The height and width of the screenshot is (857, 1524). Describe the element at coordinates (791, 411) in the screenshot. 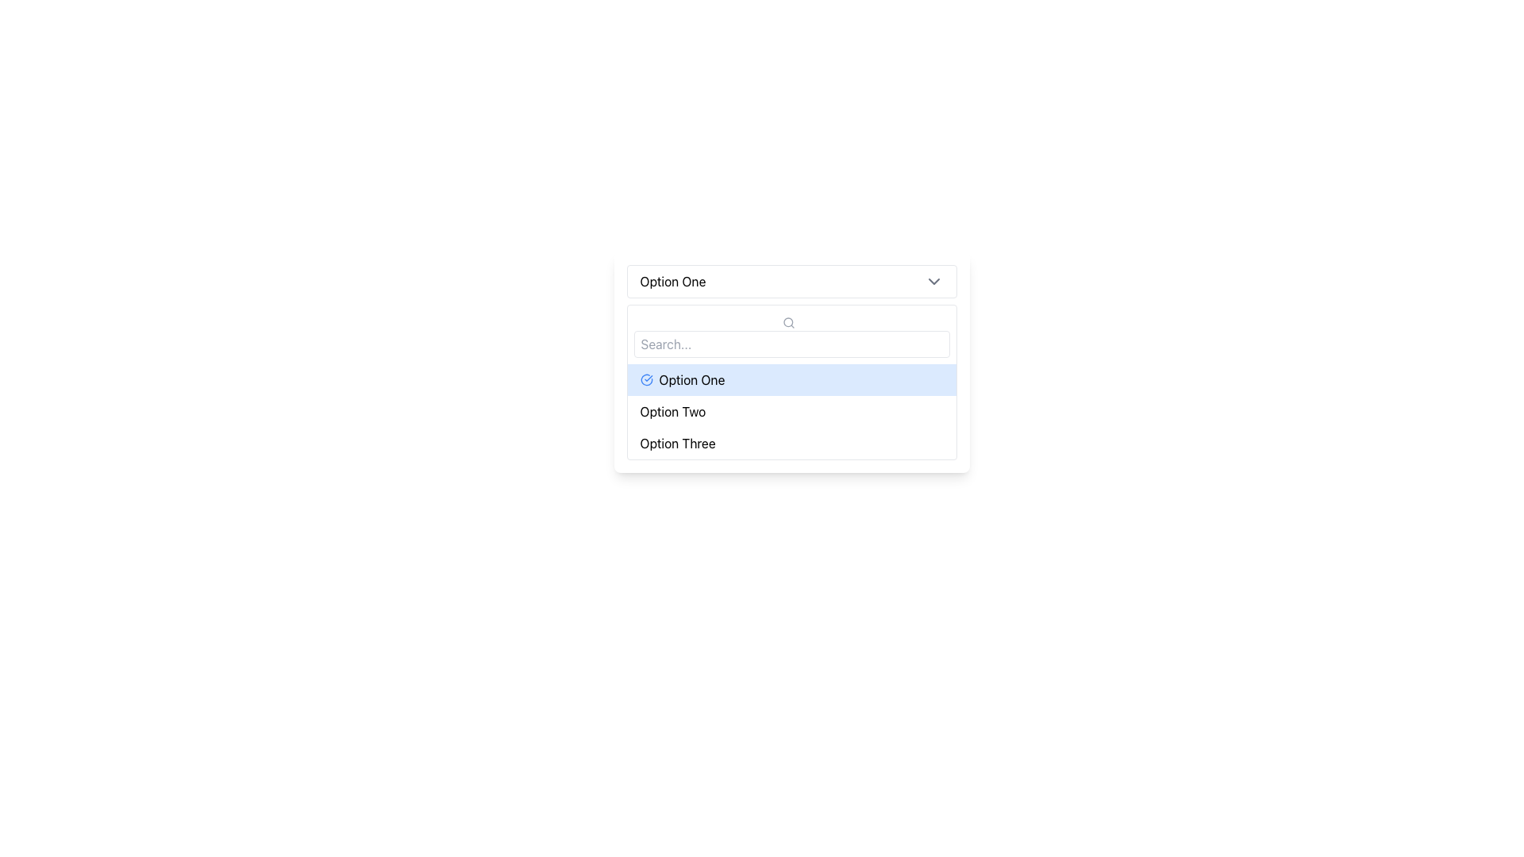

I see `the second item in the dropdown menu` at that location.